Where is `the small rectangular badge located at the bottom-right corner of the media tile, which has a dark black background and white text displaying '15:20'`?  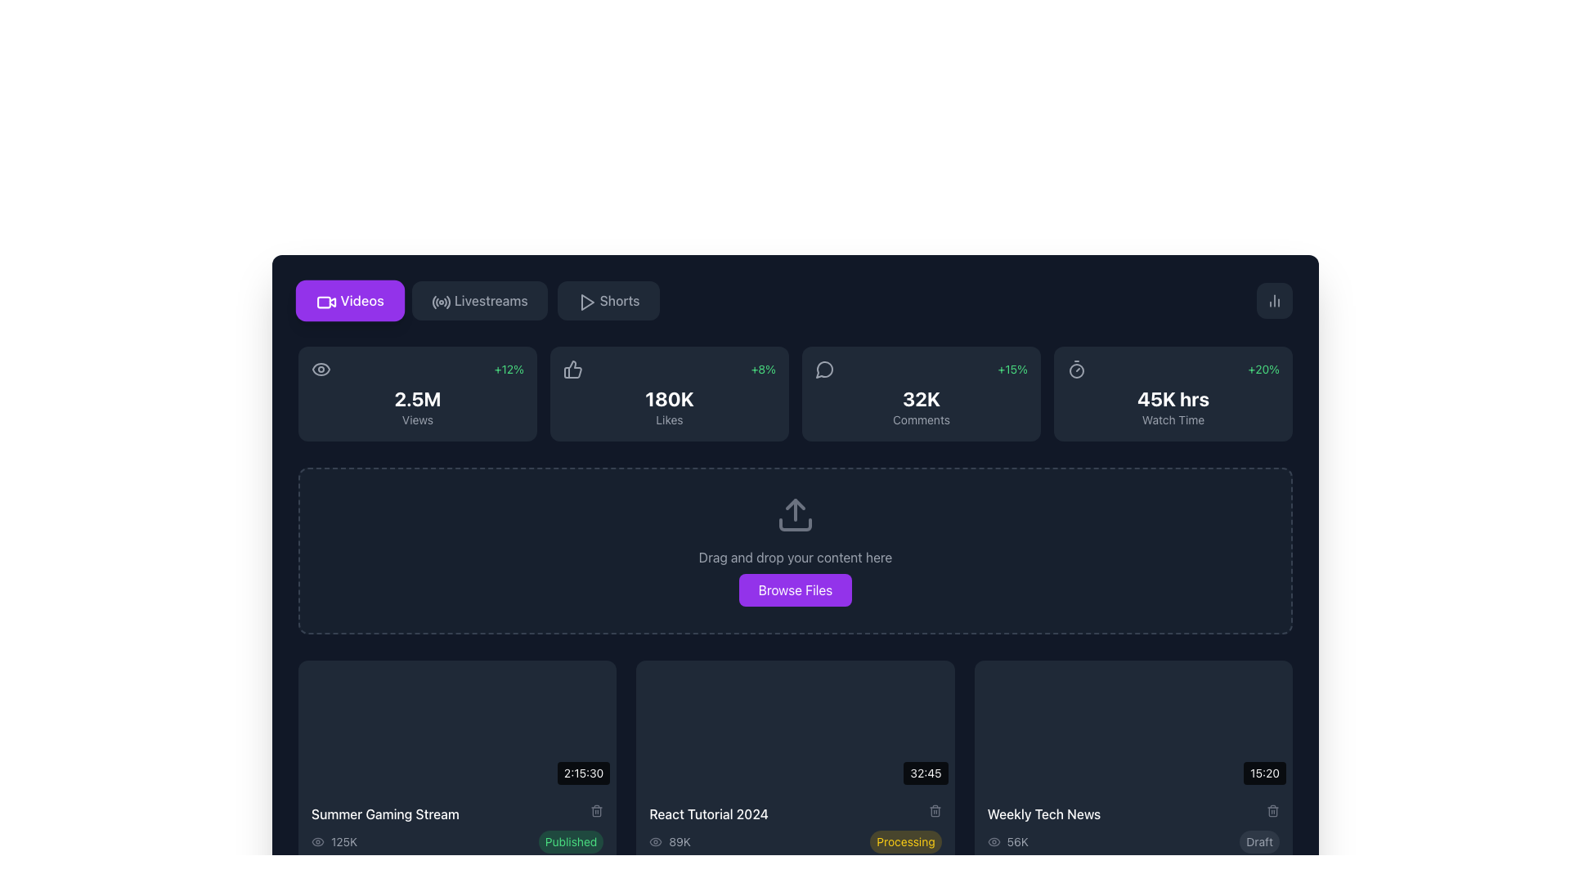 the small rectangular badge located at the bottom-right corner of the media tile, which has a dark black background and white text displaying '15:20' is located at coordinates (1264, 773).